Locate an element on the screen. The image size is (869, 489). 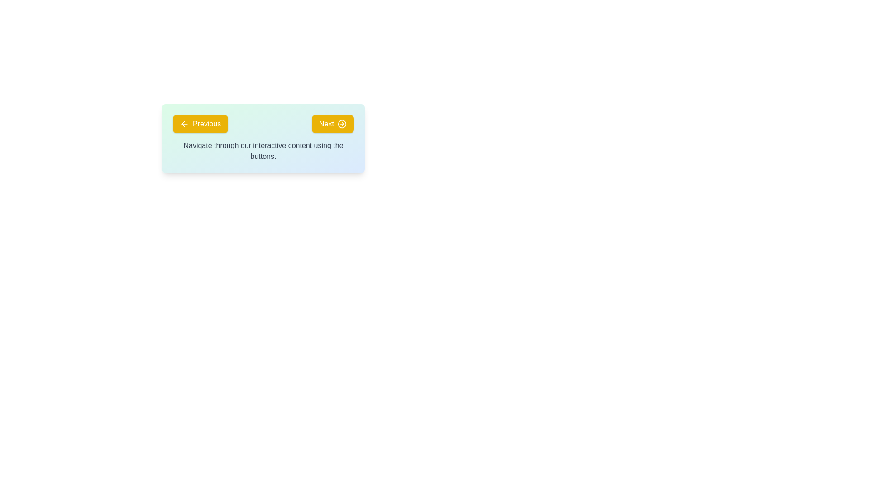
the 'Previous' button, which is a yellow rectangular button with rounded corners containing a left-pointing arrow icon and the text 'Previous' in white is located at coordinates (200, 124).